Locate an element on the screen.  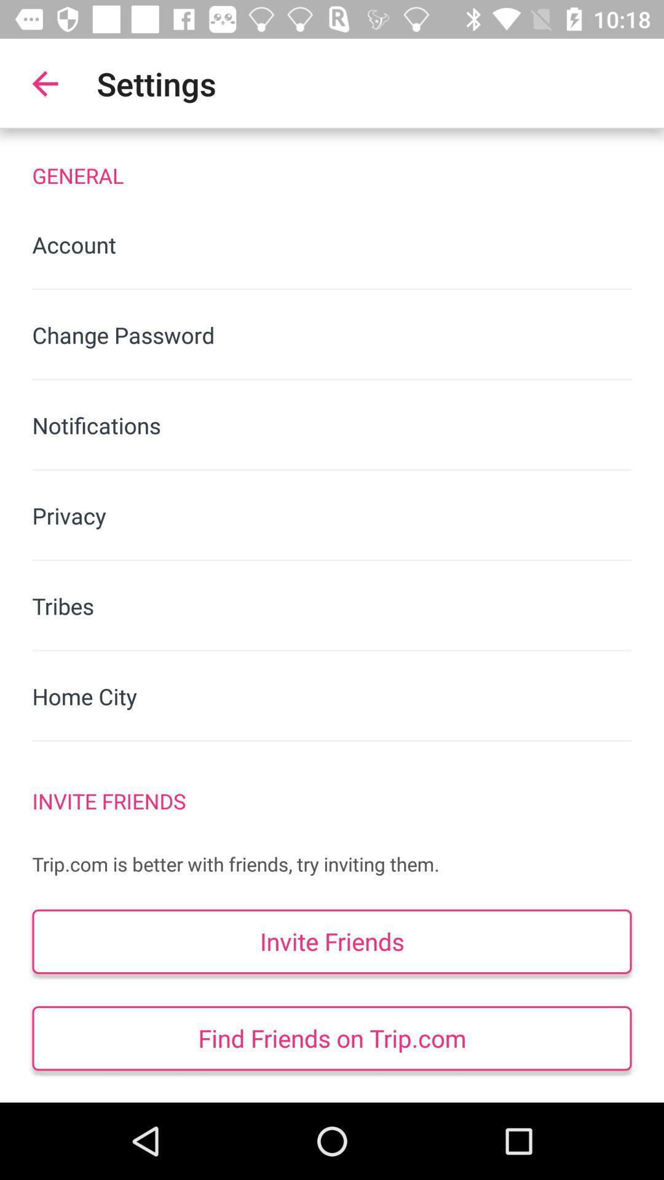
app to the left of the settings icon is located at coordinates (44, 83).